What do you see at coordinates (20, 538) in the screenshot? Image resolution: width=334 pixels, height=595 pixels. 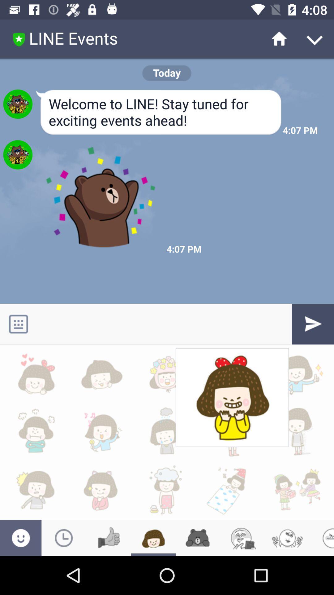 I see `the emoji icon` at bounding box center [20, 538].